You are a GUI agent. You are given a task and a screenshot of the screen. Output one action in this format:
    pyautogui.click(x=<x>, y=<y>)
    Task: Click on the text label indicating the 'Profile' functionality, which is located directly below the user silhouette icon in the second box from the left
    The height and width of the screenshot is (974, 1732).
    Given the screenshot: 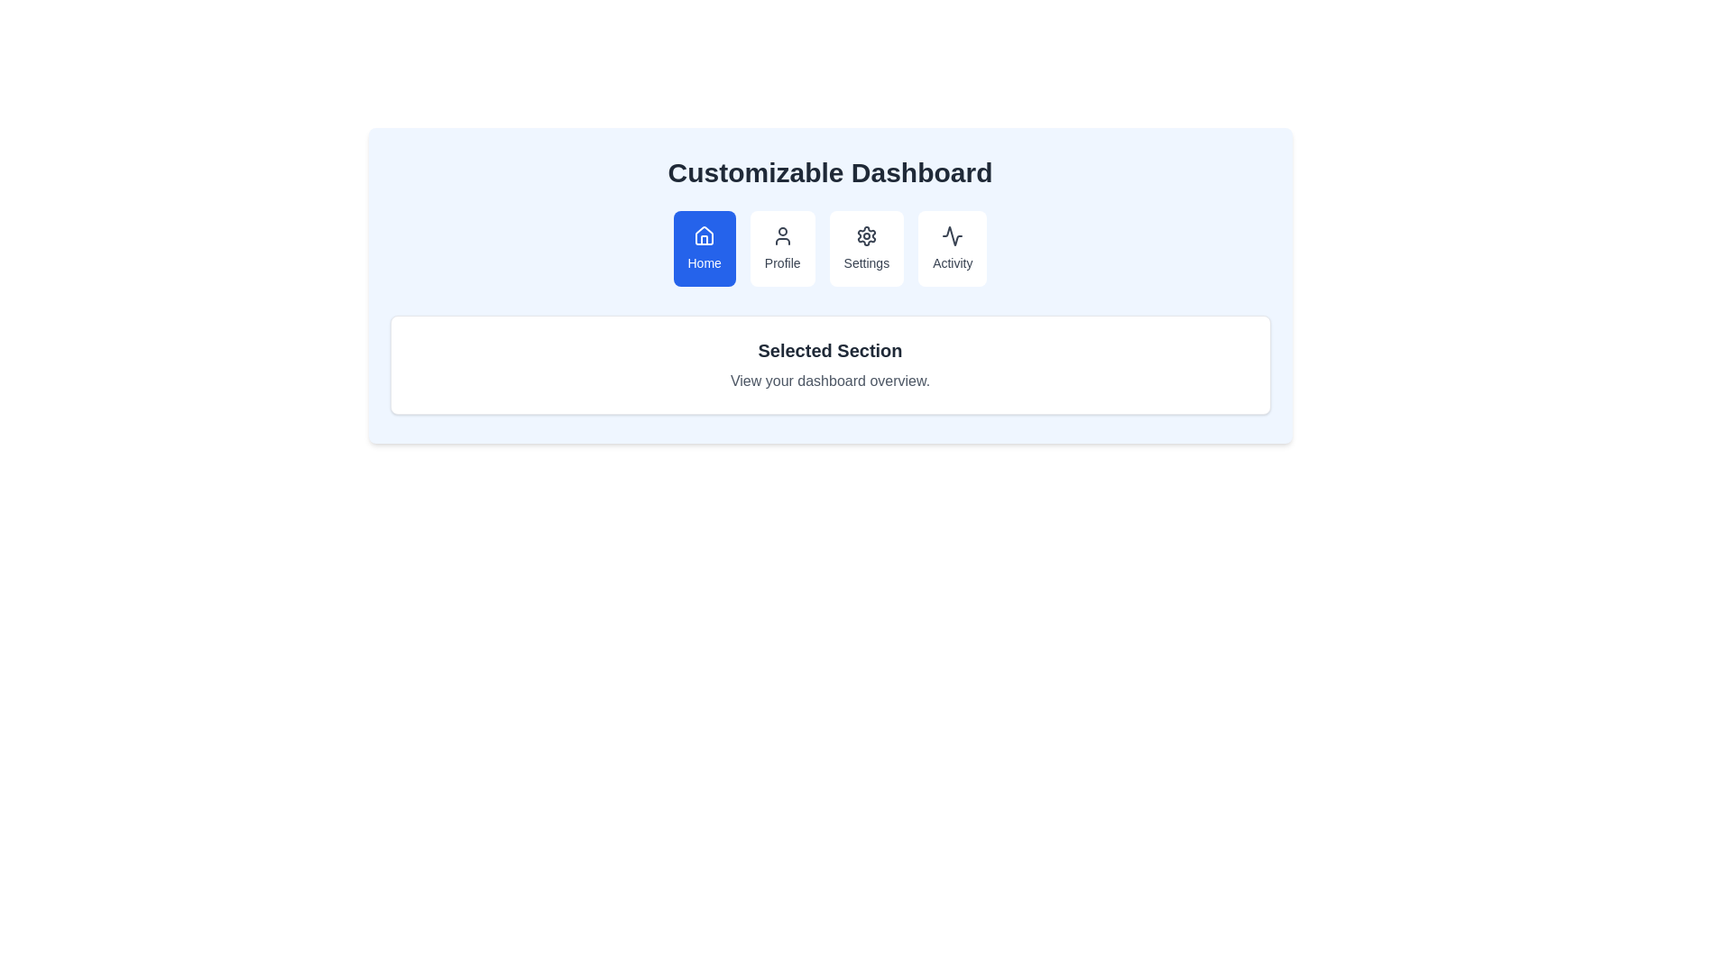 What is the action you would take?
    pyautogui.click(x=782, y=263)
    